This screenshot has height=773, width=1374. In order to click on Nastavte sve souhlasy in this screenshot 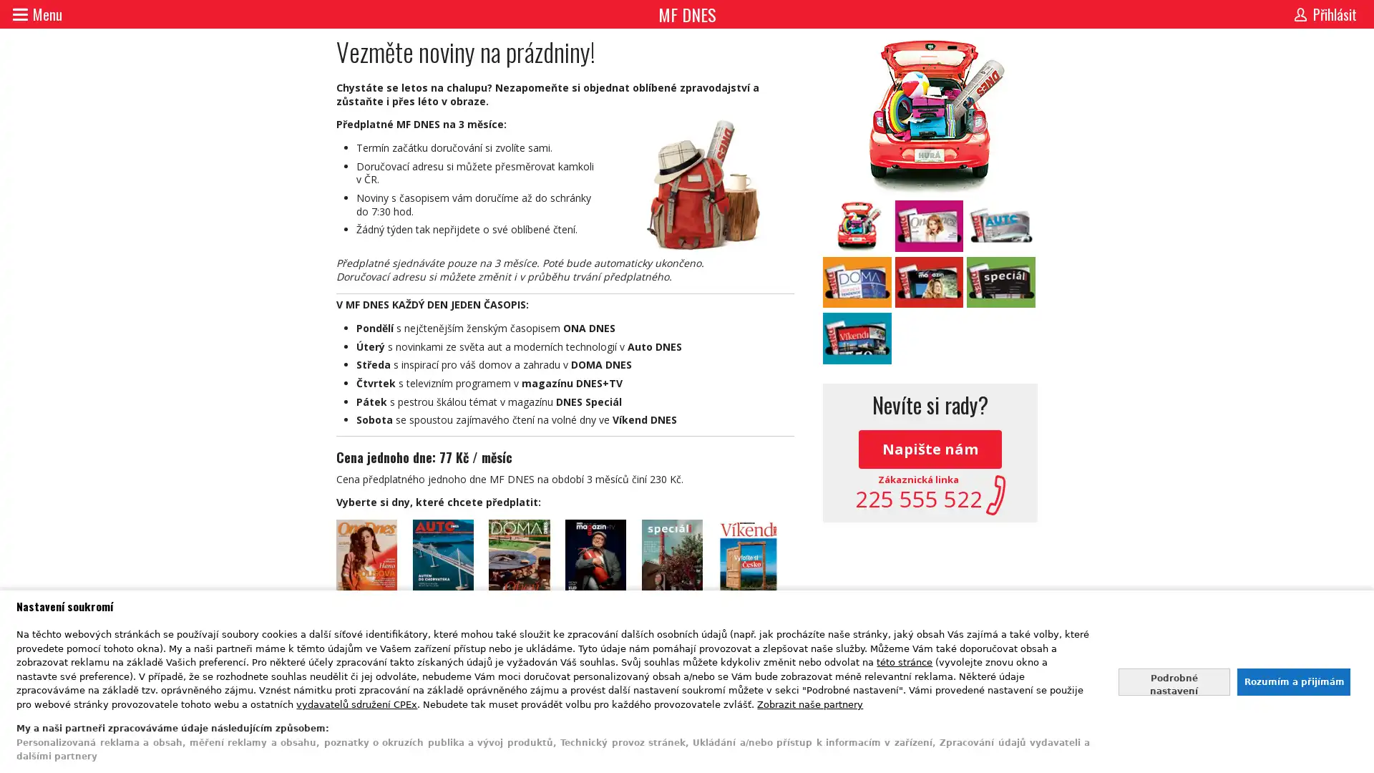, I will do `click(1174, 681)`.